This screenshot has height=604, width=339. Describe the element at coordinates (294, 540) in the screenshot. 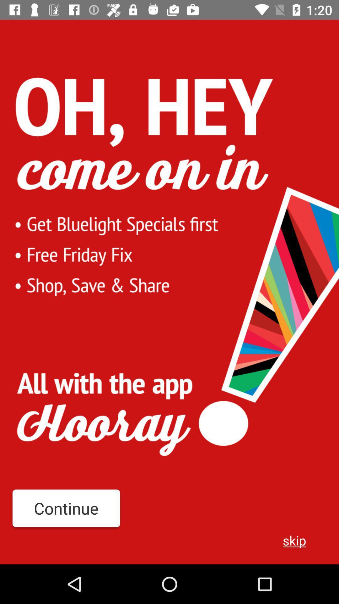

I see `skip icon` at that location.